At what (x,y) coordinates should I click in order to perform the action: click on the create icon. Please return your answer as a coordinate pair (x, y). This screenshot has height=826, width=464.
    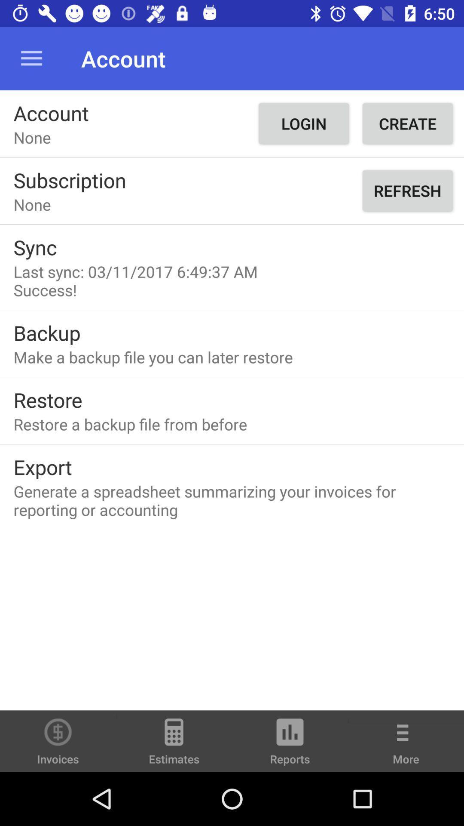
    Looking at the image, I should click on (407, 123).